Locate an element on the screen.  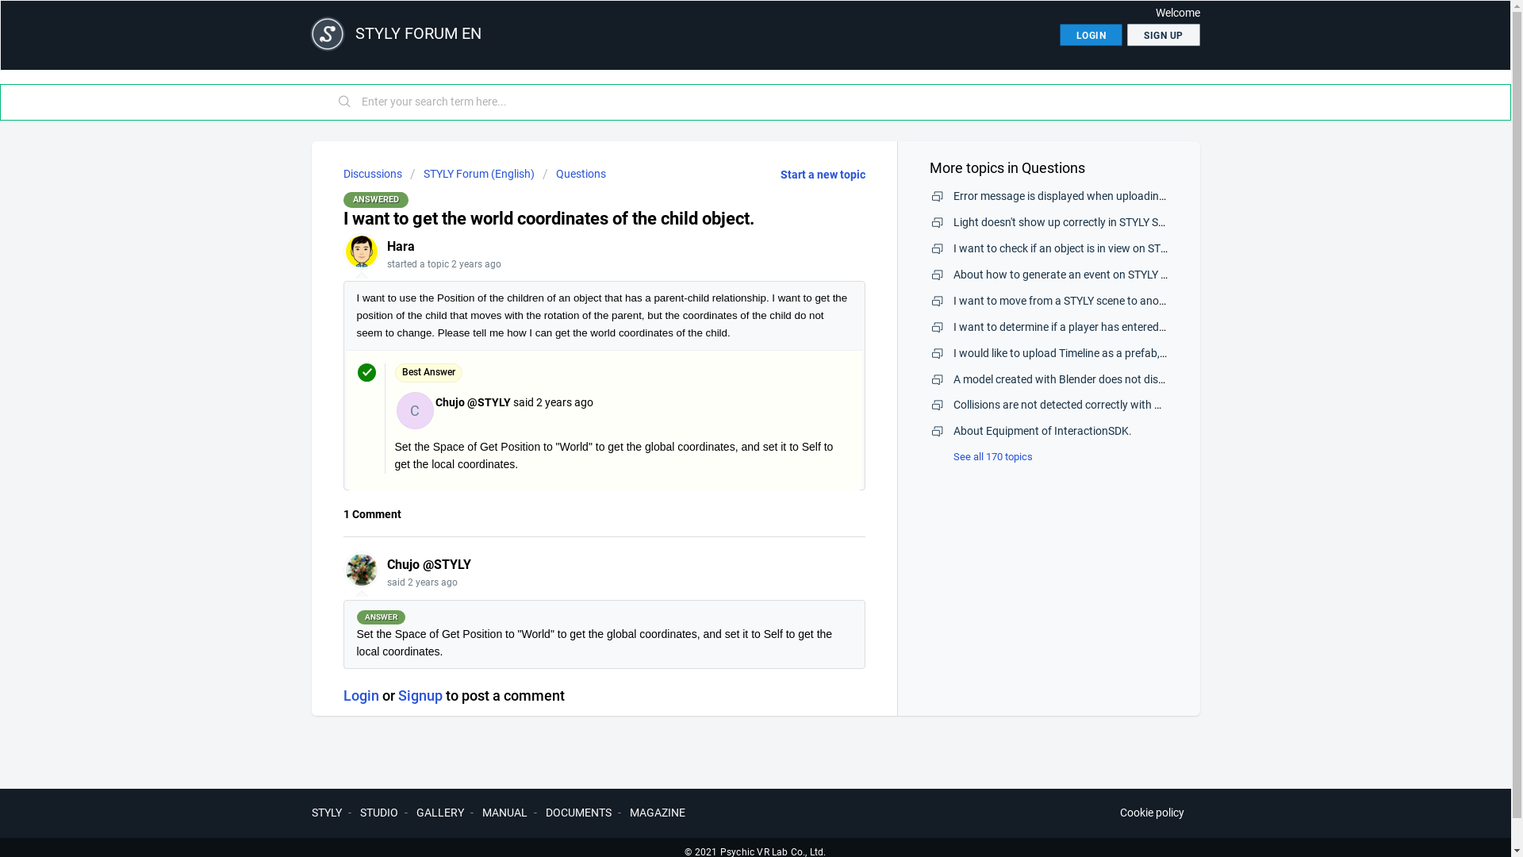
'Signup' is located at coordinates (420, 694).